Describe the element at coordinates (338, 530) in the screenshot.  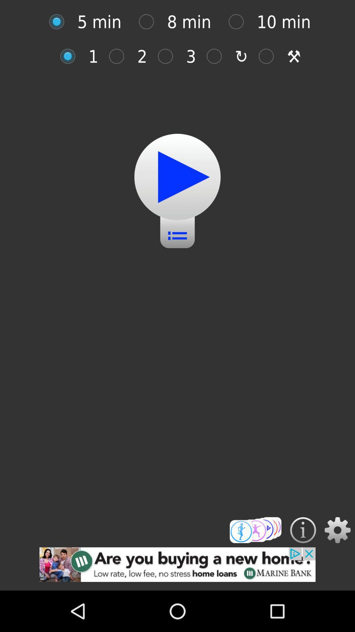
I see `setting` at that location.